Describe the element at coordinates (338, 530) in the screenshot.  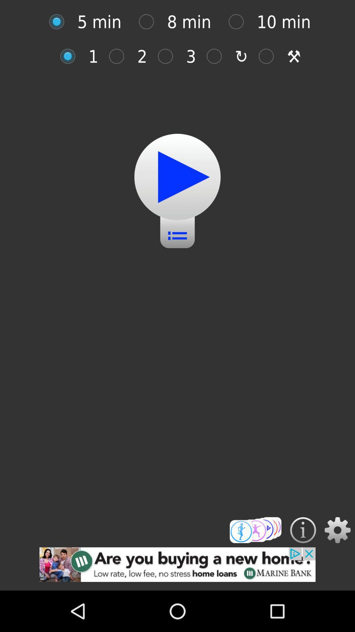
I see `setting` at that location.